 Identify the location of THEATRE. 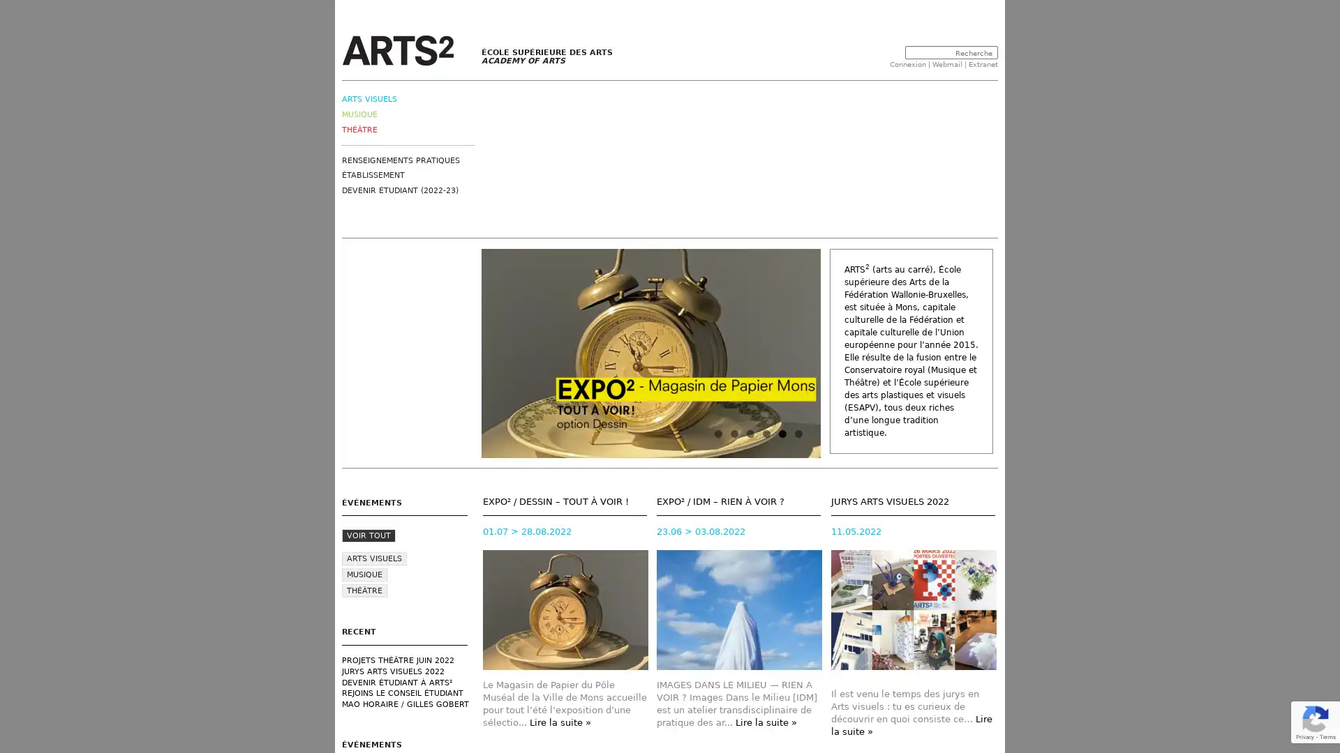
(364, 591).